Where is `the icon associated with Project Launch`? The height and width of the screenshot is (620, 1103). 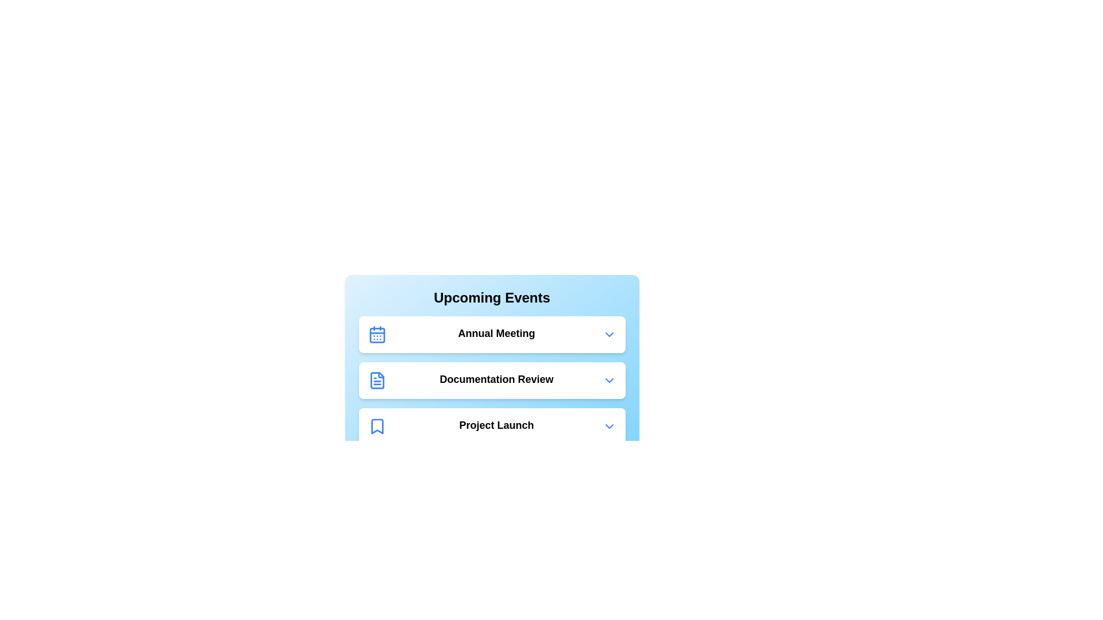 the icon associated with Project Launch is located at coordinates (377, 427).